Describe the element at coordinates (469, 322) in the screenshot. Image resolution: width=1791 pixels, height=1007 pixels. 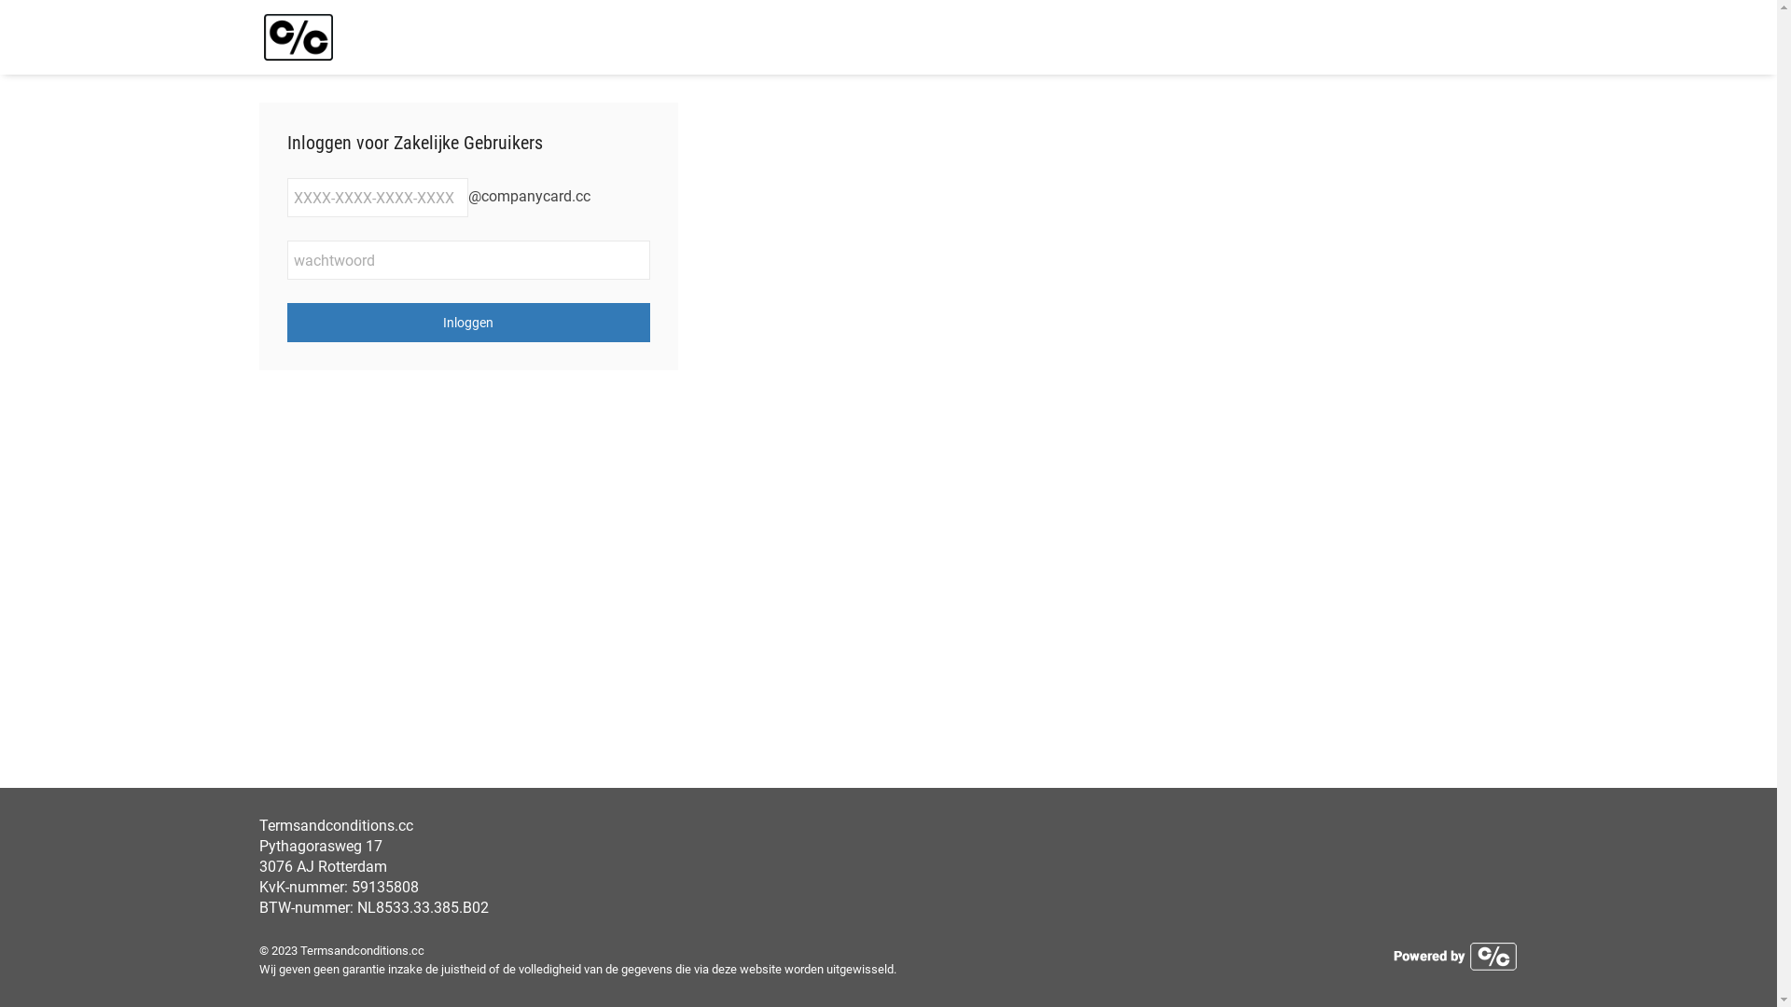
I see `'Inloggen'` at that location.